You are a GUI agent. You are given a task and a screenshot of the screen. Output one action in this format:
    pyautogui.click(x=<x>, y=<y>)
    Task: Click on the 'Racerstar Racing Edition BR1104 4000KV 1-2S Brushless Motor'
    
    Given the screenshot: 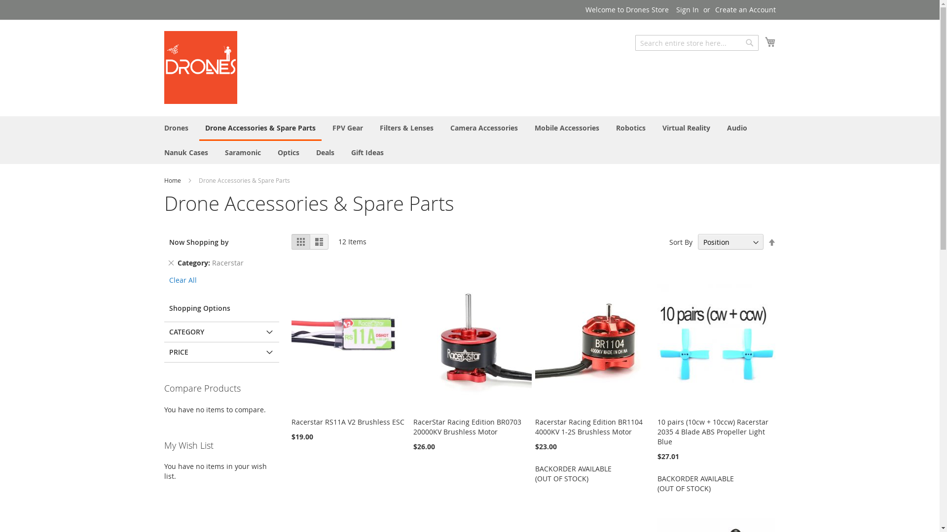 What is the action you would take?
    pyautogui.click(x=589, y=426)
    